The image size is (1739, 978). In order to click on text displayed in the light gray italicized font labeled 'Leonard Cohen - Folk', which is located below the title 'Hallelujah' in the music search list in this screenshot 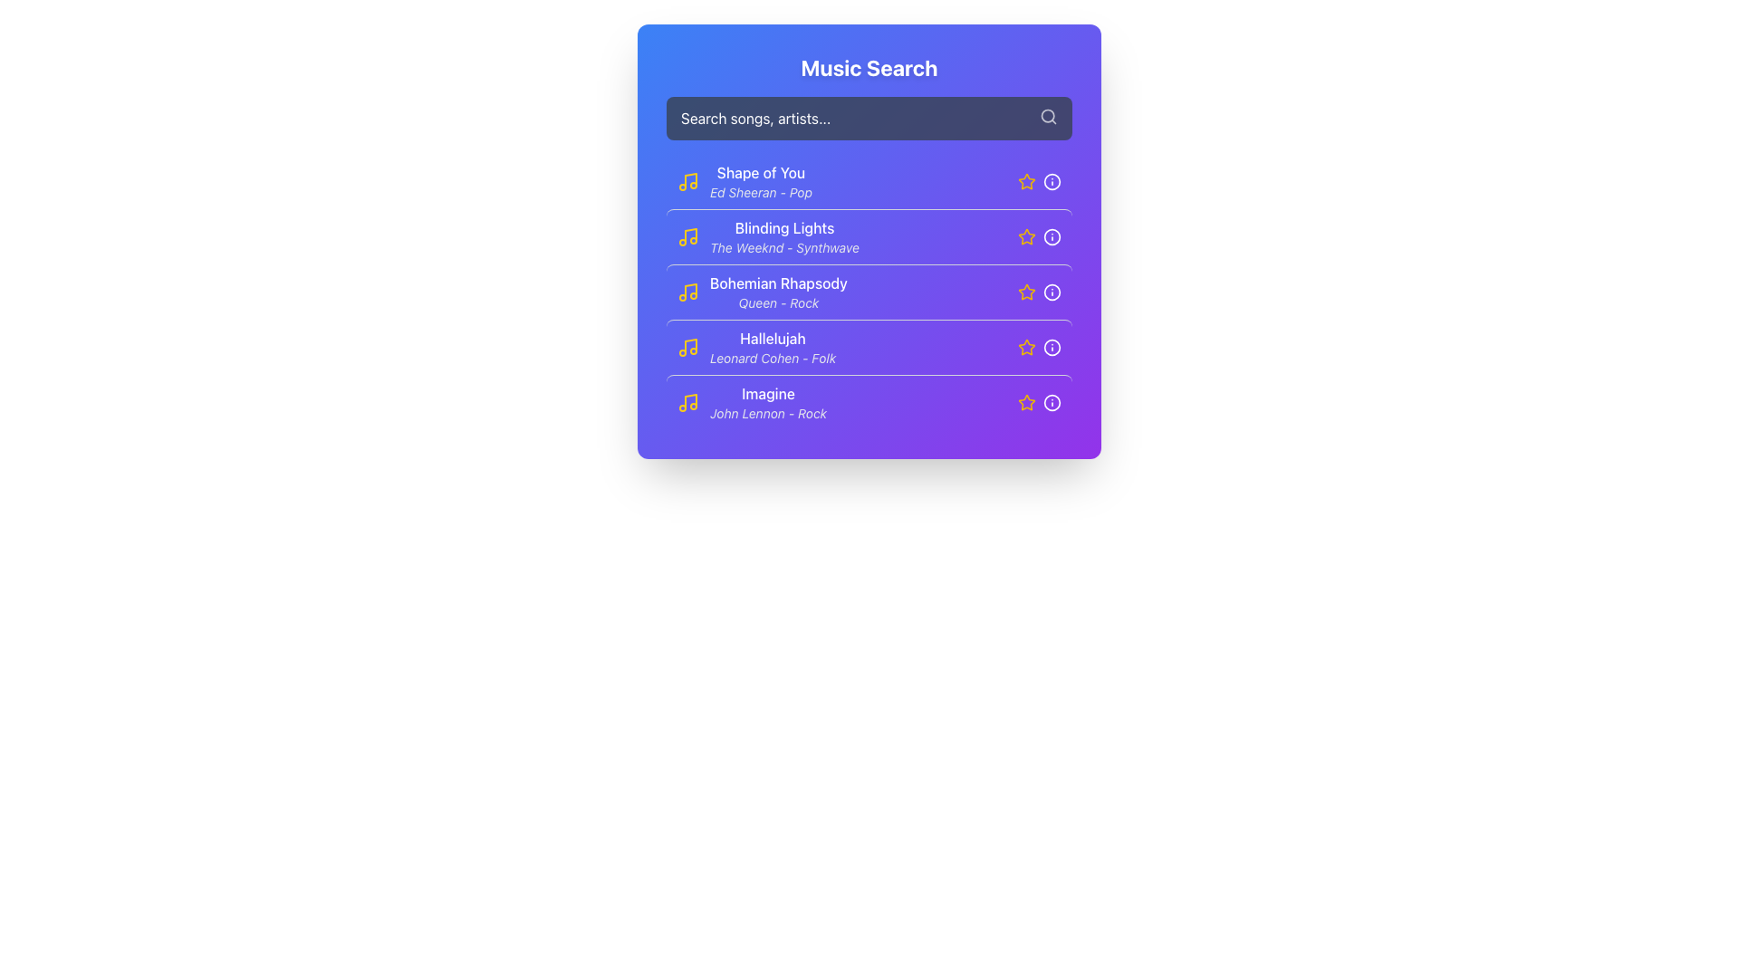, I will do `click(773, 359)`.